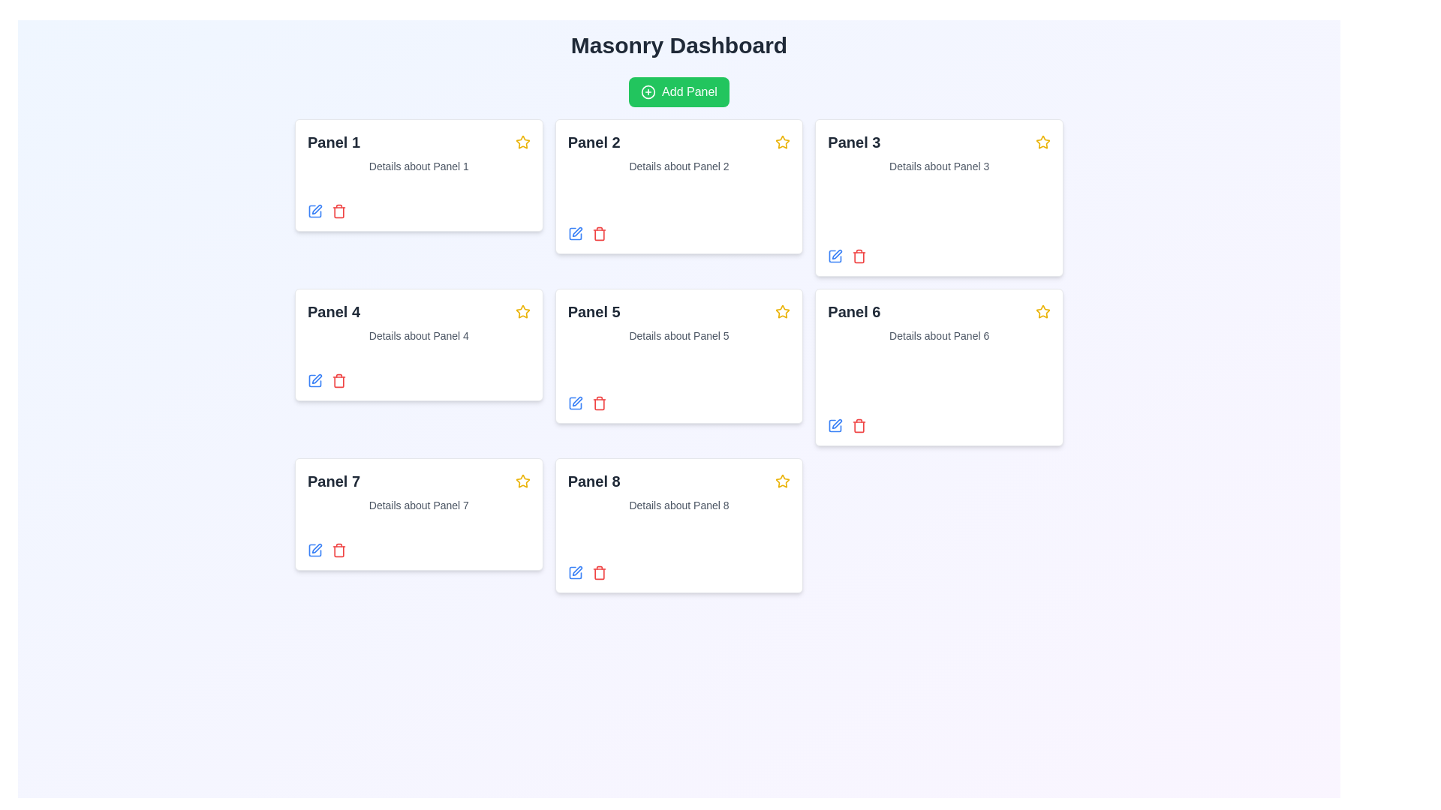 This screenshot has height=810, width=1441. I want to click on the yellow star icon rating button located in the top-right of 'Panel 4' to activate its hover effect, so click(522, 311).